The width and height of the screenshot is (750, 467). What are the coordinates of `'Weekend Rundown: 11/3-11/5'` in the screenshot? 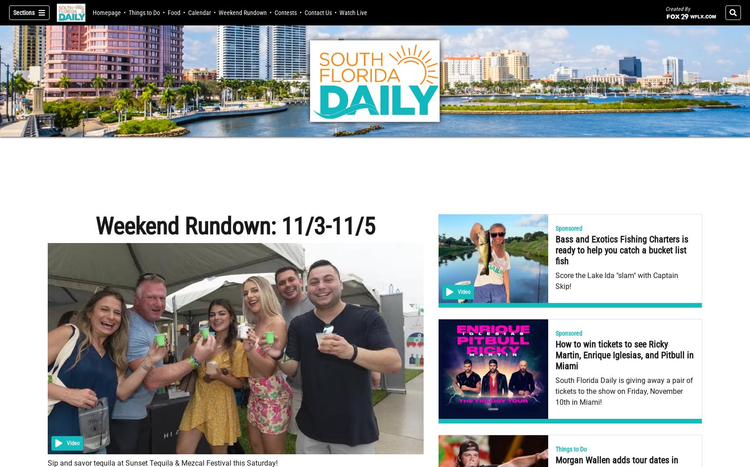 It's located at (235, 226).